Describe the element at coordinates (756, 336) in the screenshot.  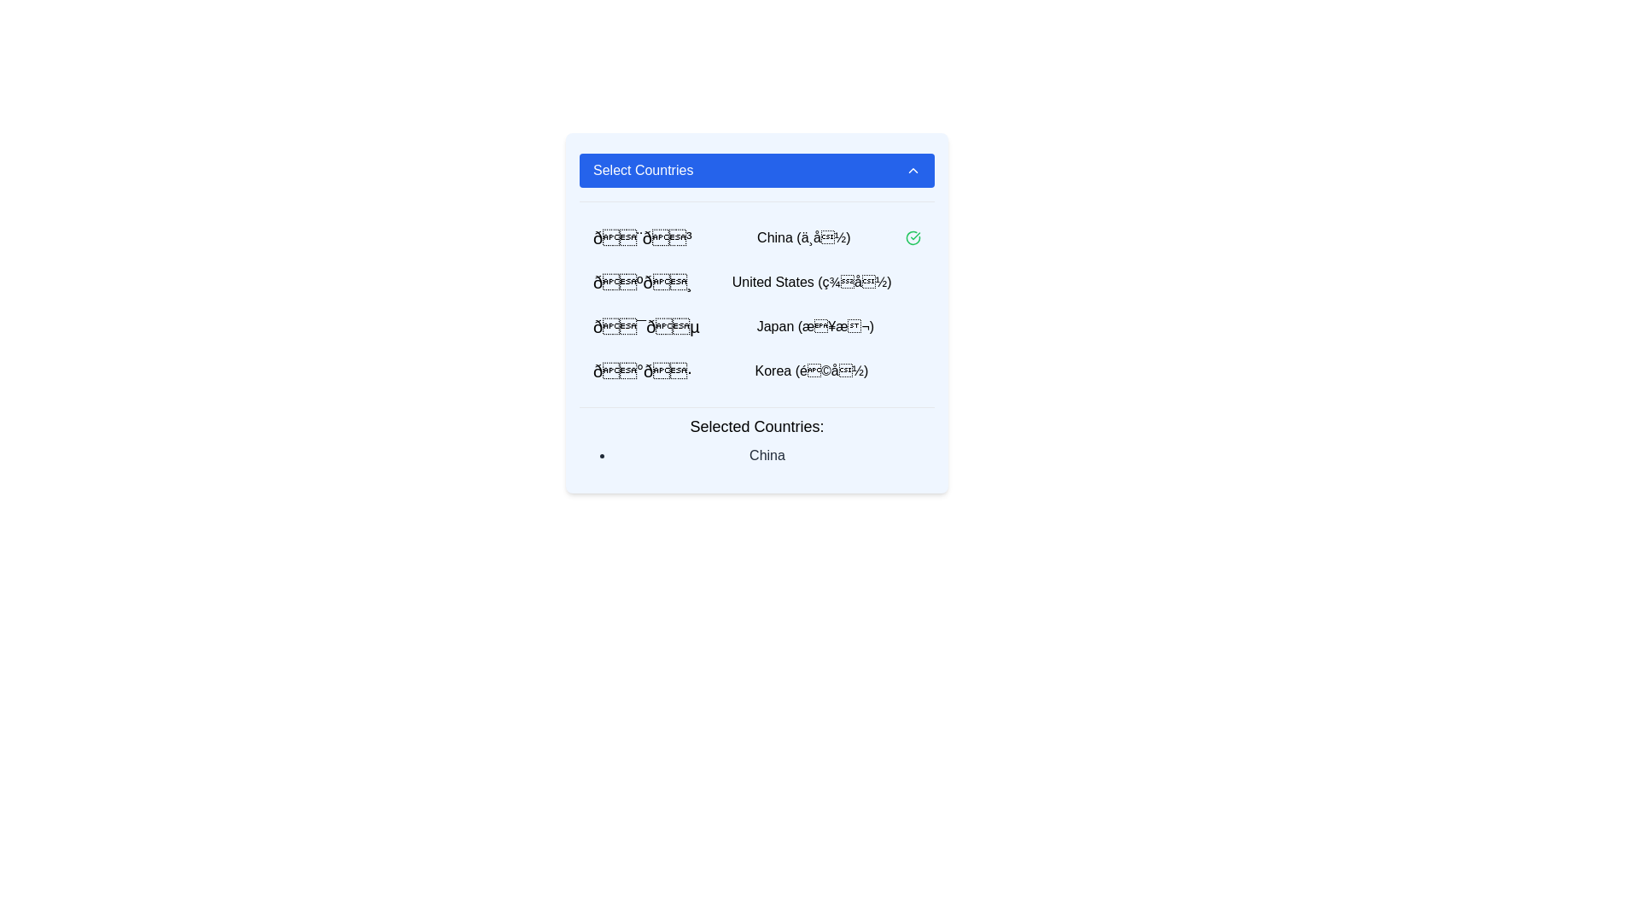
I see `the selectable list item for the country 'Japan' which is located below 'United States' and above 'Korea' in the 'Select Countries' panel to indicate the user's choice` at that location.